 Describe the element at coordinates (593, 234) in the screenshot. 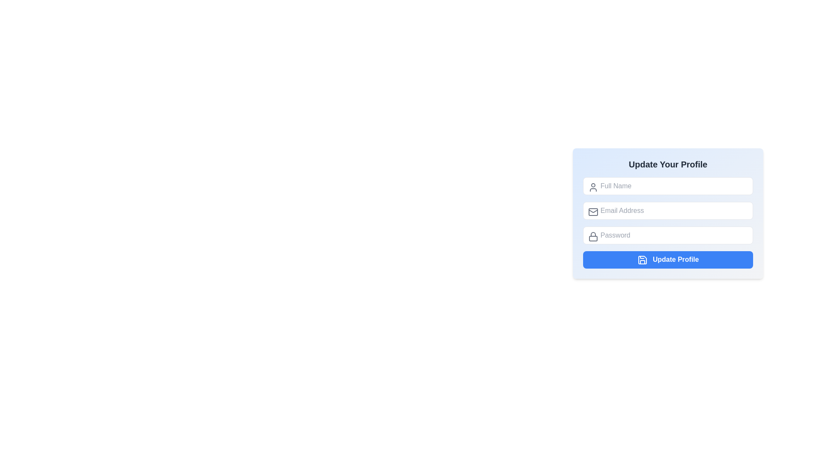

I see `the curved top part of the lock icon graphic, which is part of an SVG vector graphic located adjacent to the password input field` at that location.